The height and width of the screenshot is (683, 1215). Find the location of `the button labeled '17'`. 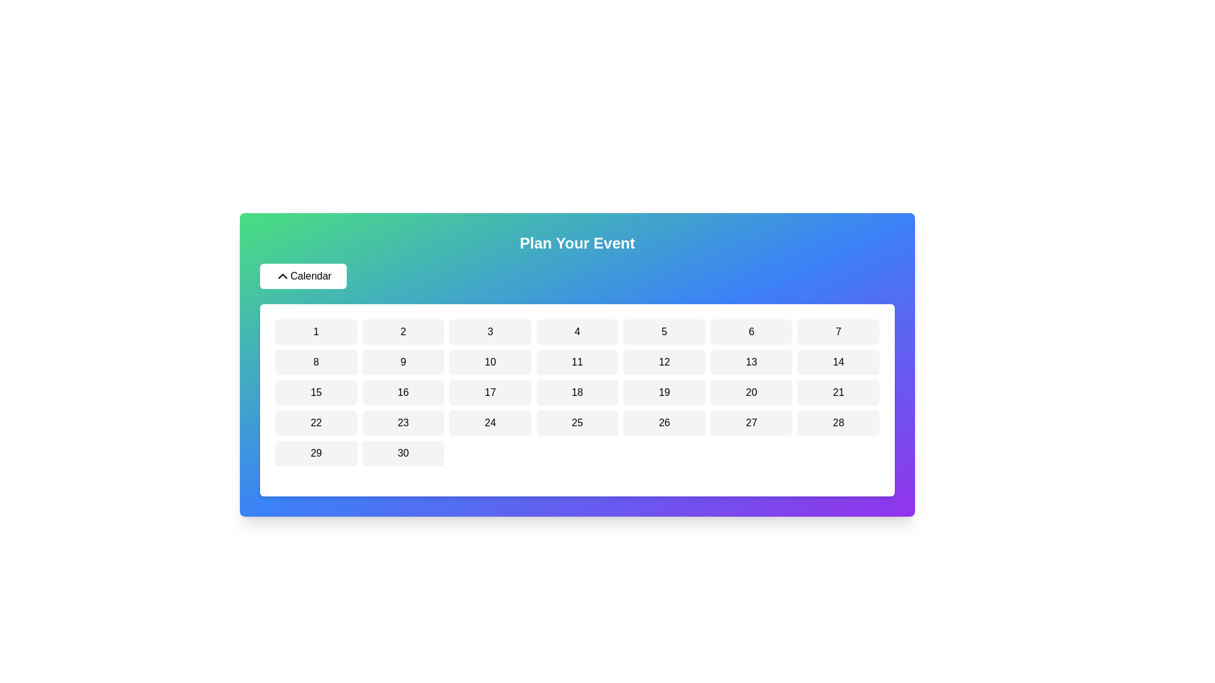

the button labeled '17' is located at coordinates (489, 392).